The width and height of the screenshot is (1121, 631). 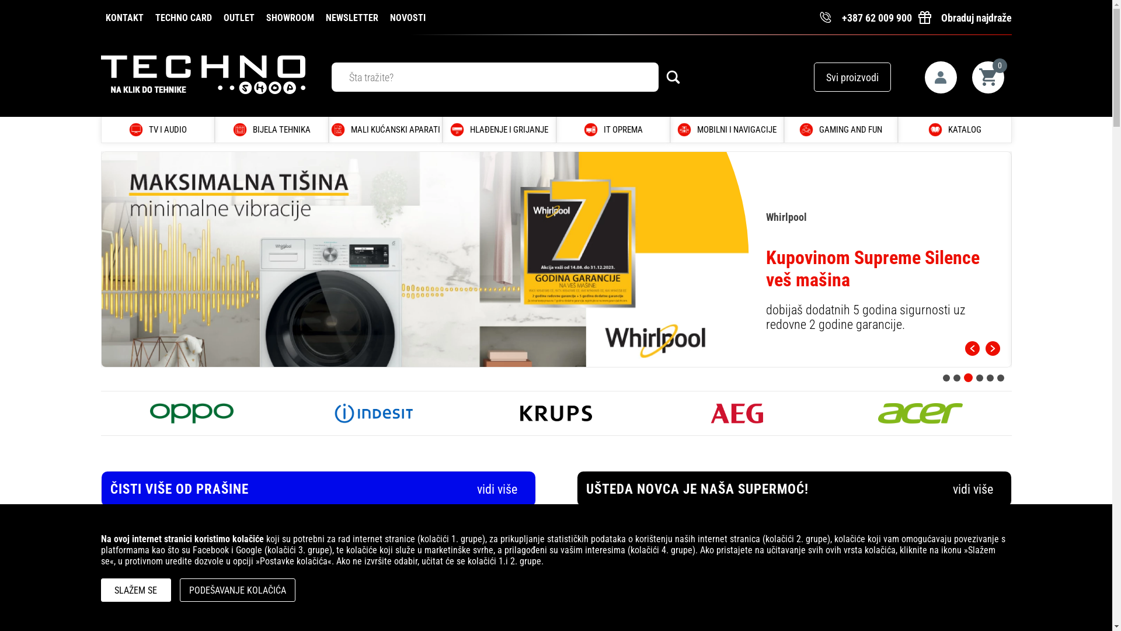 I want to click on 'KATALOG', so click(x=962, y=130).